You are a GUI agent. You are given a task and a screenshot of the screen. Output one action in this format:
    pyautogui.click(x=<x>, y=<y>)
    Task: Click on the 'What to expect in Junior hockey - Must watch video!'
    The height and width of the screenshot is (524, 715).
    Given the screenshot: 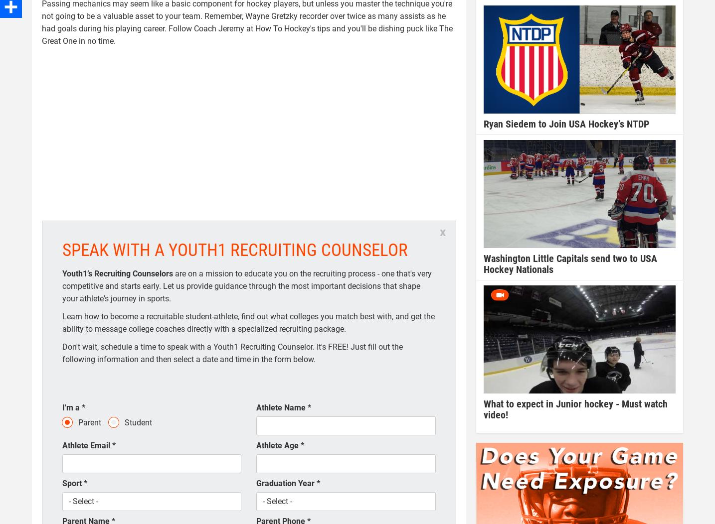 What is the action you would take?
    pyautogui.click(x=575, y=408)
    